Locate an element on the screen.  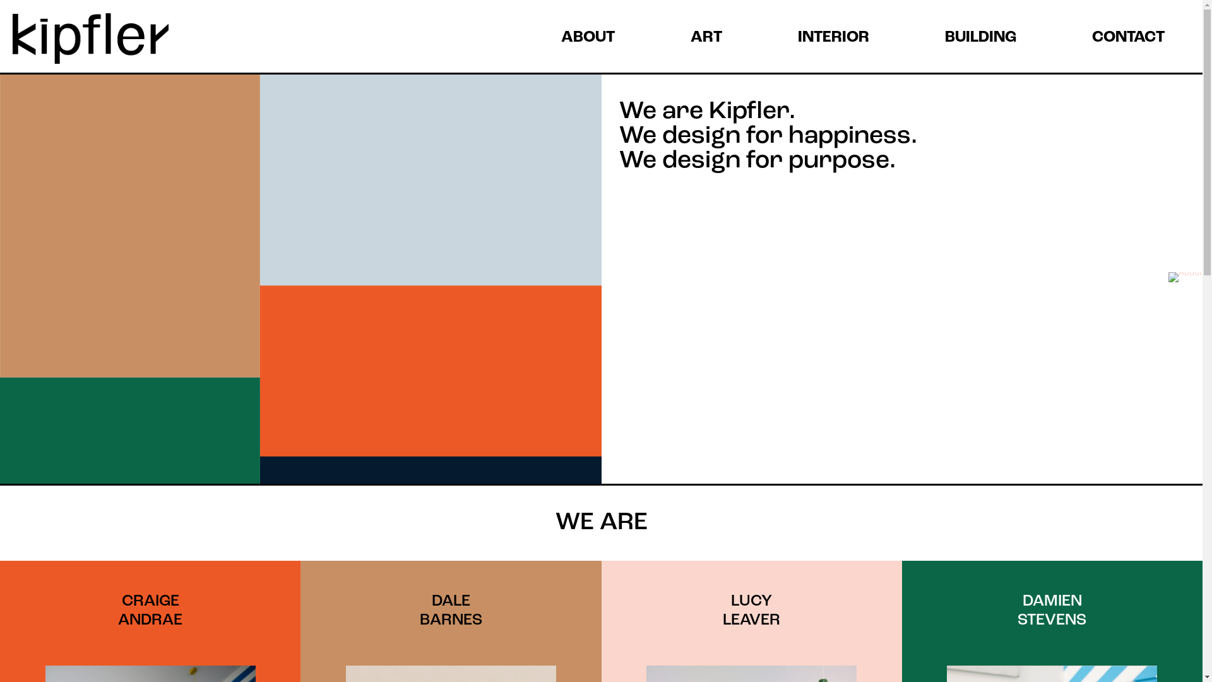
'Kipfler' is located at coordinates (12, 35).